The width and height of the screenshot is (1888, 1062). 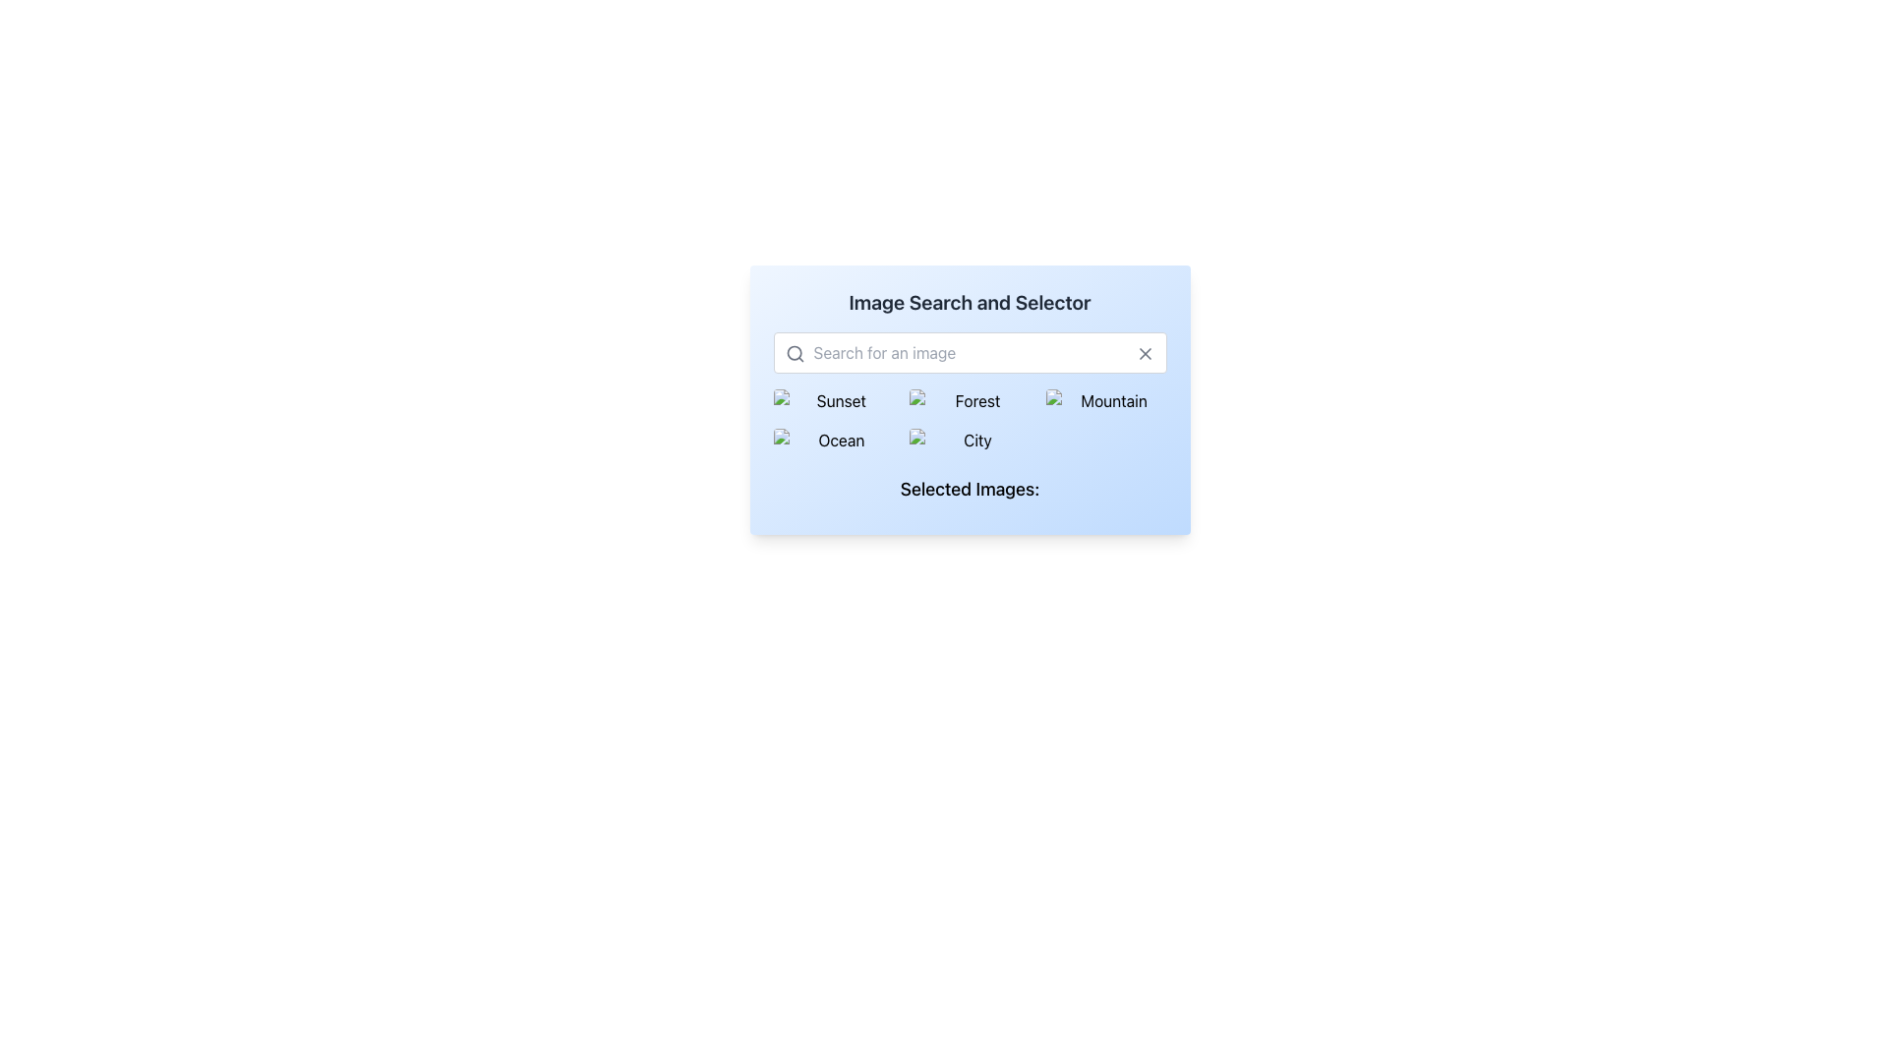 I want to click on the search input field located below the title 'Image Search and Selector', so click(x=970, y=351).